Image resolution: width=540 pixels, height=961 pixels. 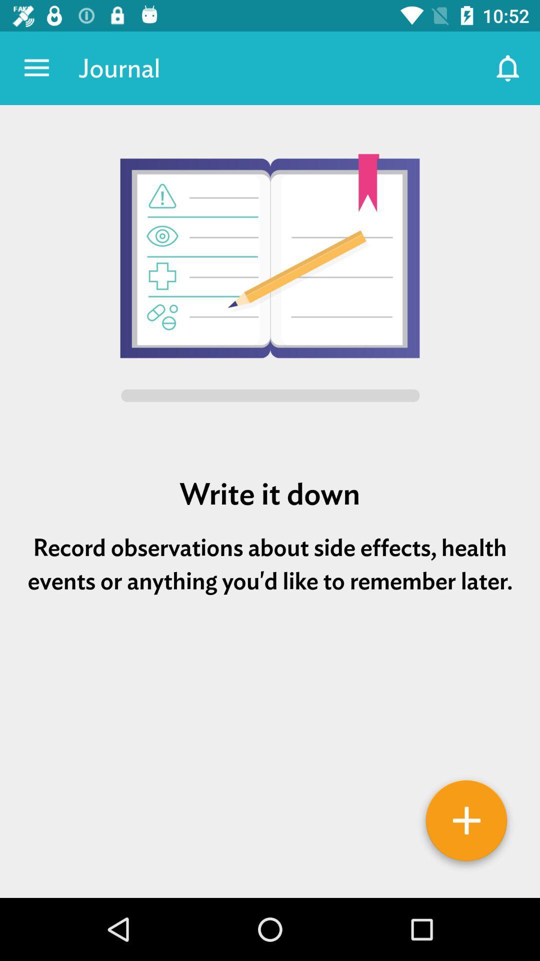 I want to click on the icon below the record observations about icon, so click(x=270, y=656).